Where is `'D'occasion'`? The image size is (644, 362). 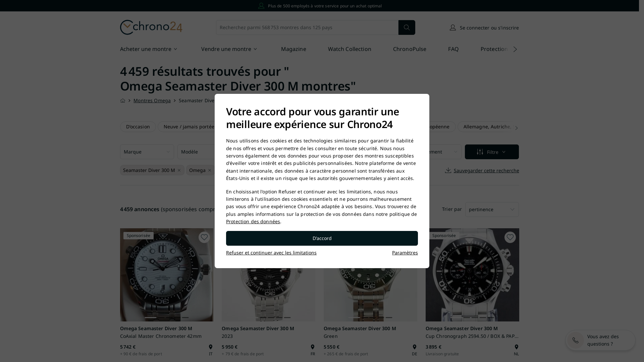 'D'occasion' is located at coordinates (120, 127).